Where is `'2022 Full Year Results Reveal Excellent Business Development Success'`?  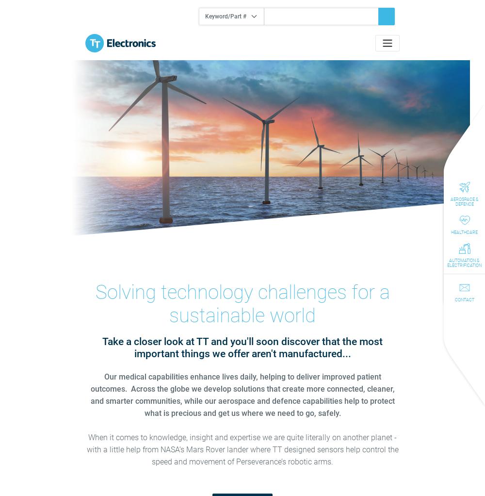
'2022 Full Year Results Reveal Excellent Business Development Success' is located at coordinates (87, 192).